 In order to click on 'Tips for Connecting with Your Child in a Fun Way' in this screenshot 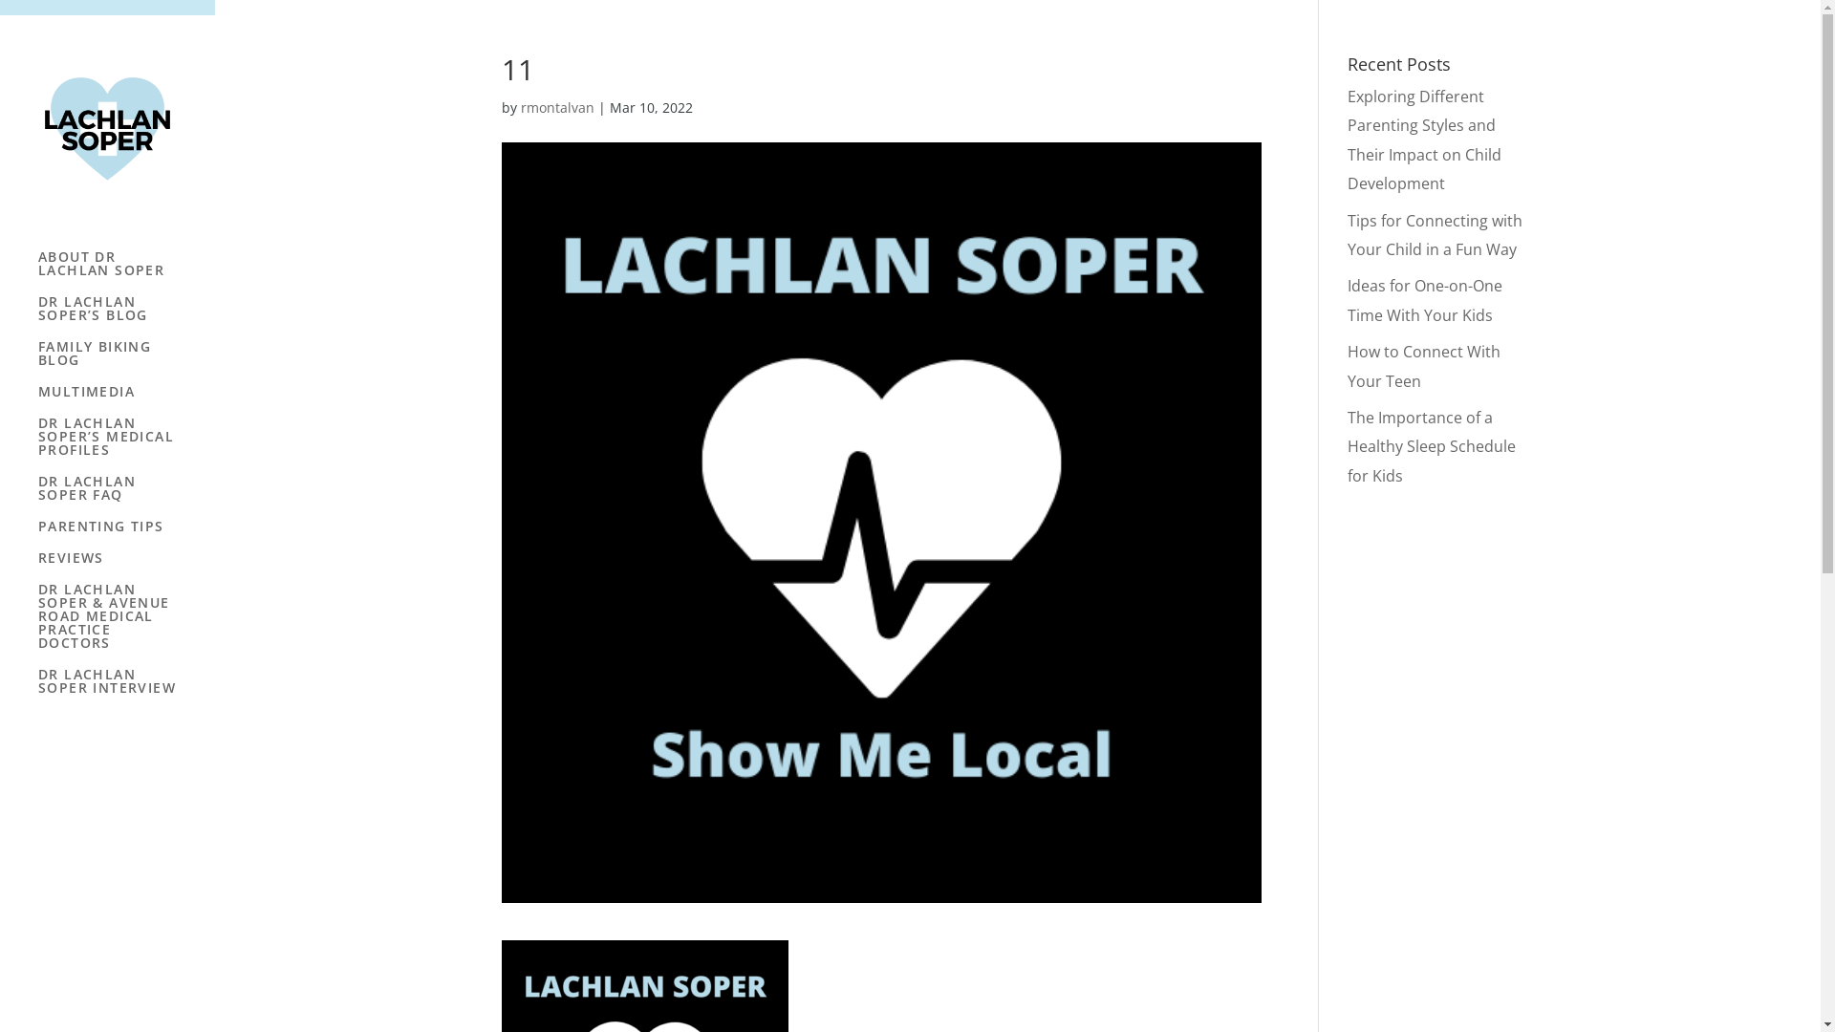, I will do `click(1347, 234)`.